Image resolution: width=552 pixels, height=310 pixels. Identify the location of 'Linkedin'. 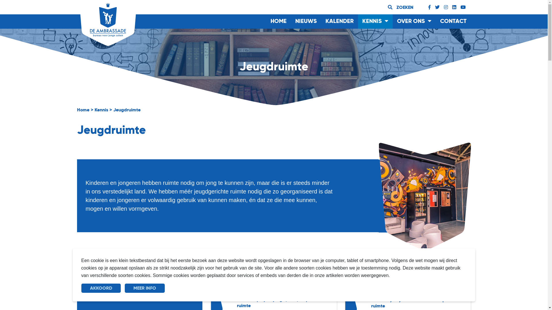
(454, 7).